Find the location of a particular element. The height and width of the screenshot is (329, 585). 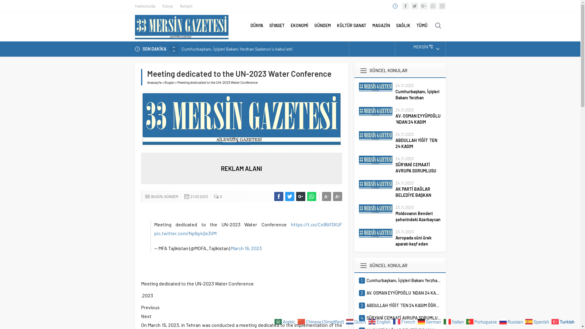

'Twitter' is located at coordinates (414, 6).